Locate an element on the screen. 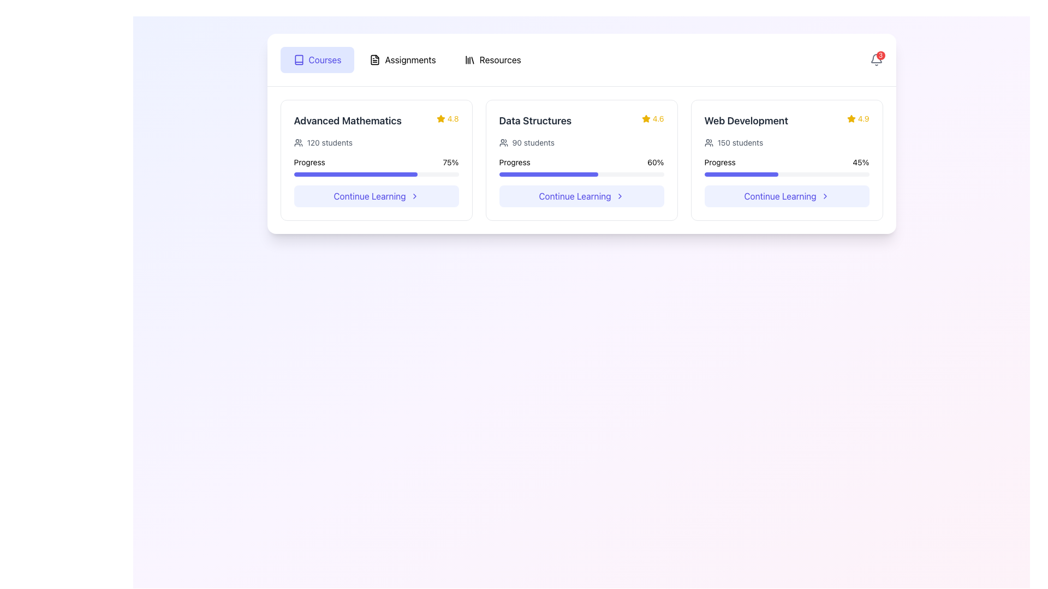 The height and width of the screenshot is (589, 1048). the Rating display in the 'Data Structures' card, which features a yellow star icon and the text '4.6' in bold, located at the upper-right corner adjacent to the course title is located at coordinates (653, 119).